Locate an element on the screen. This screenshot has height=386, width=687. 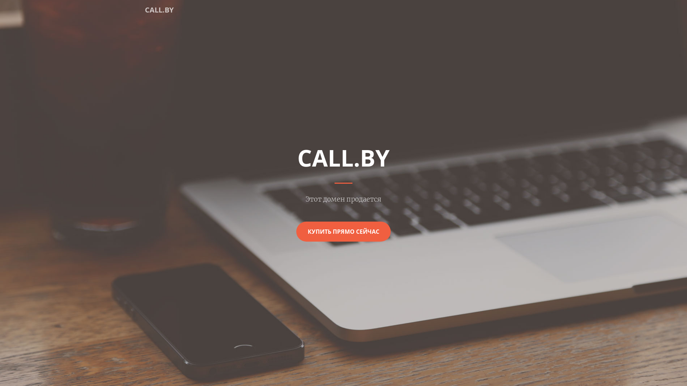
'CALL.BY' is located at coordinates (159, 10).